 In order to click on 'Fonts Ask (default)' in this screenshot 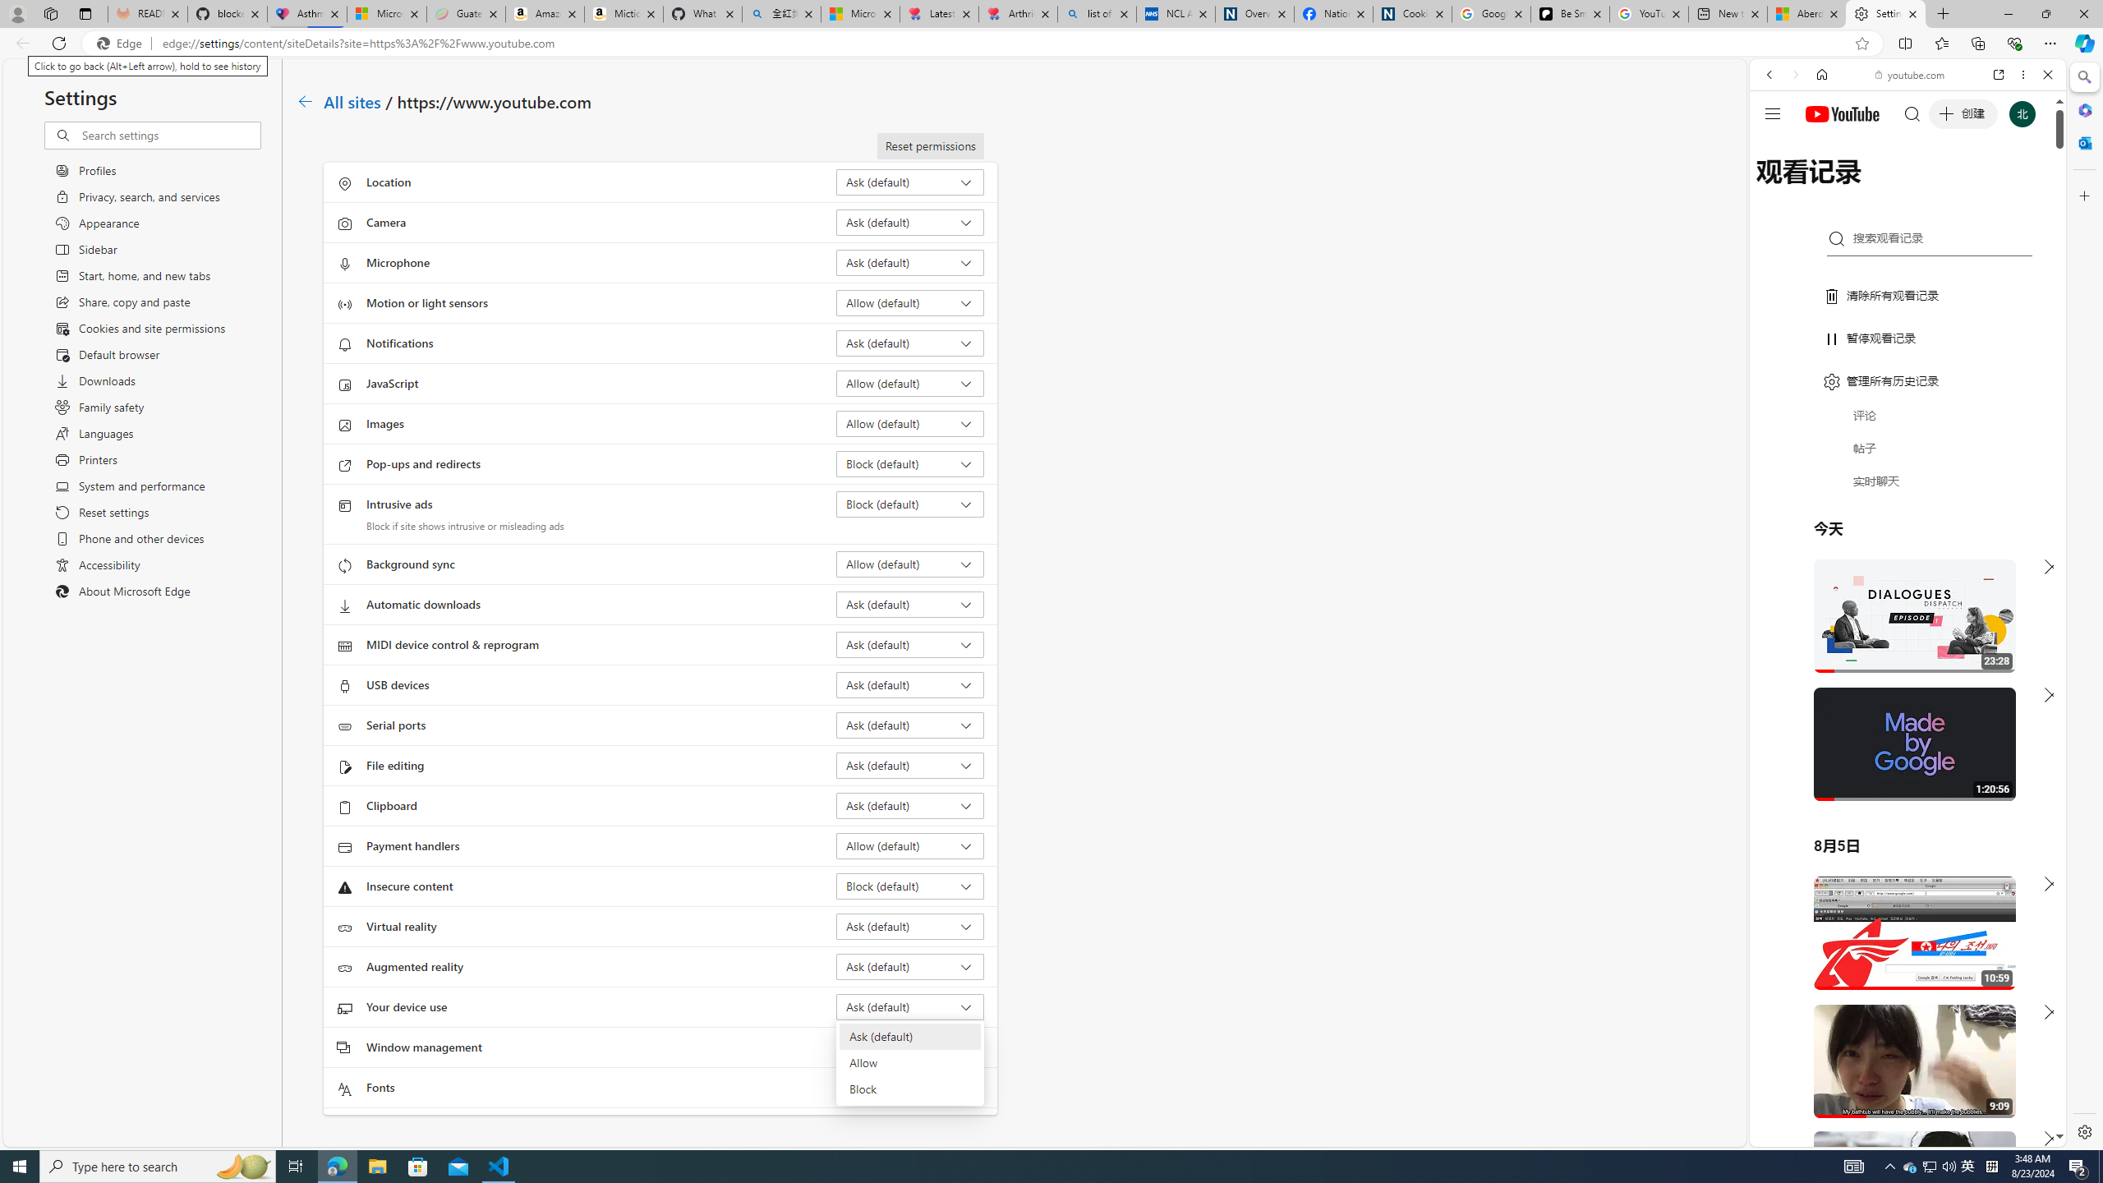, I will do `click(910, 1088)`.